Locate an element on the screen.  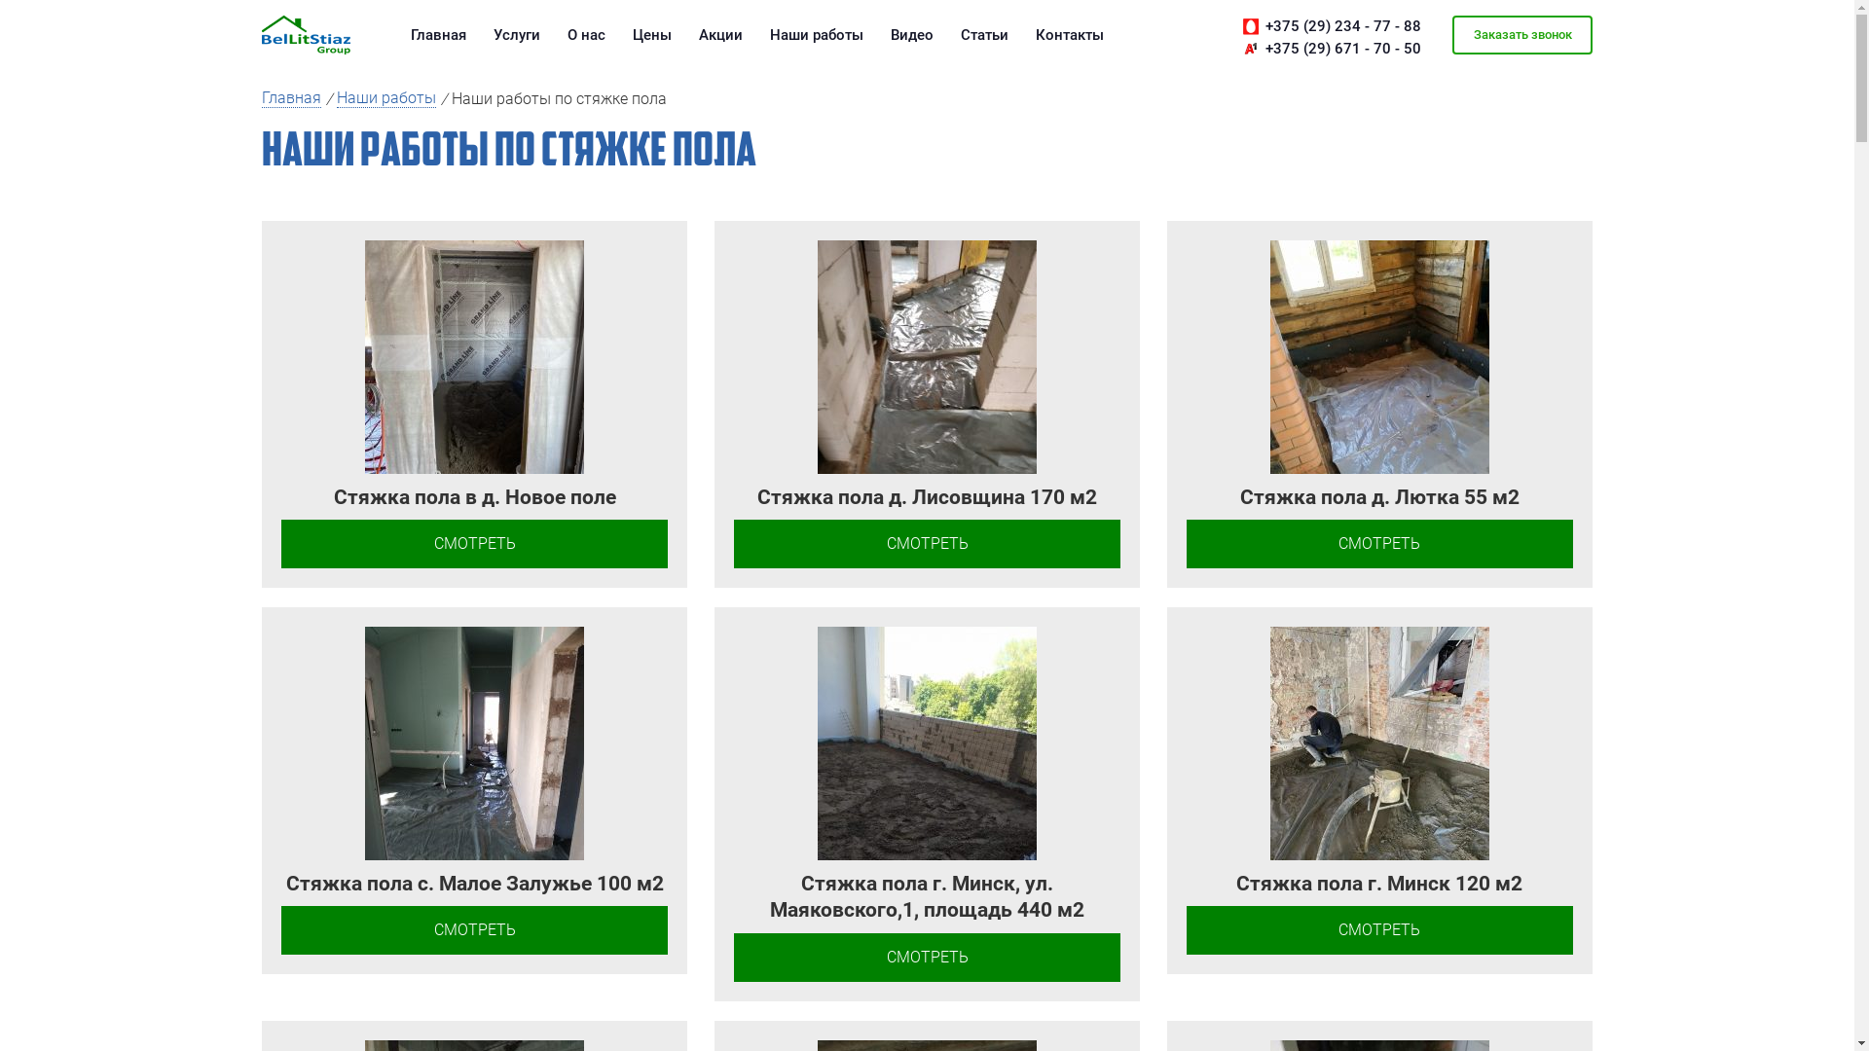
'+375 (29) 671 - 70 - 50' is located at coordinates (1342, 48).